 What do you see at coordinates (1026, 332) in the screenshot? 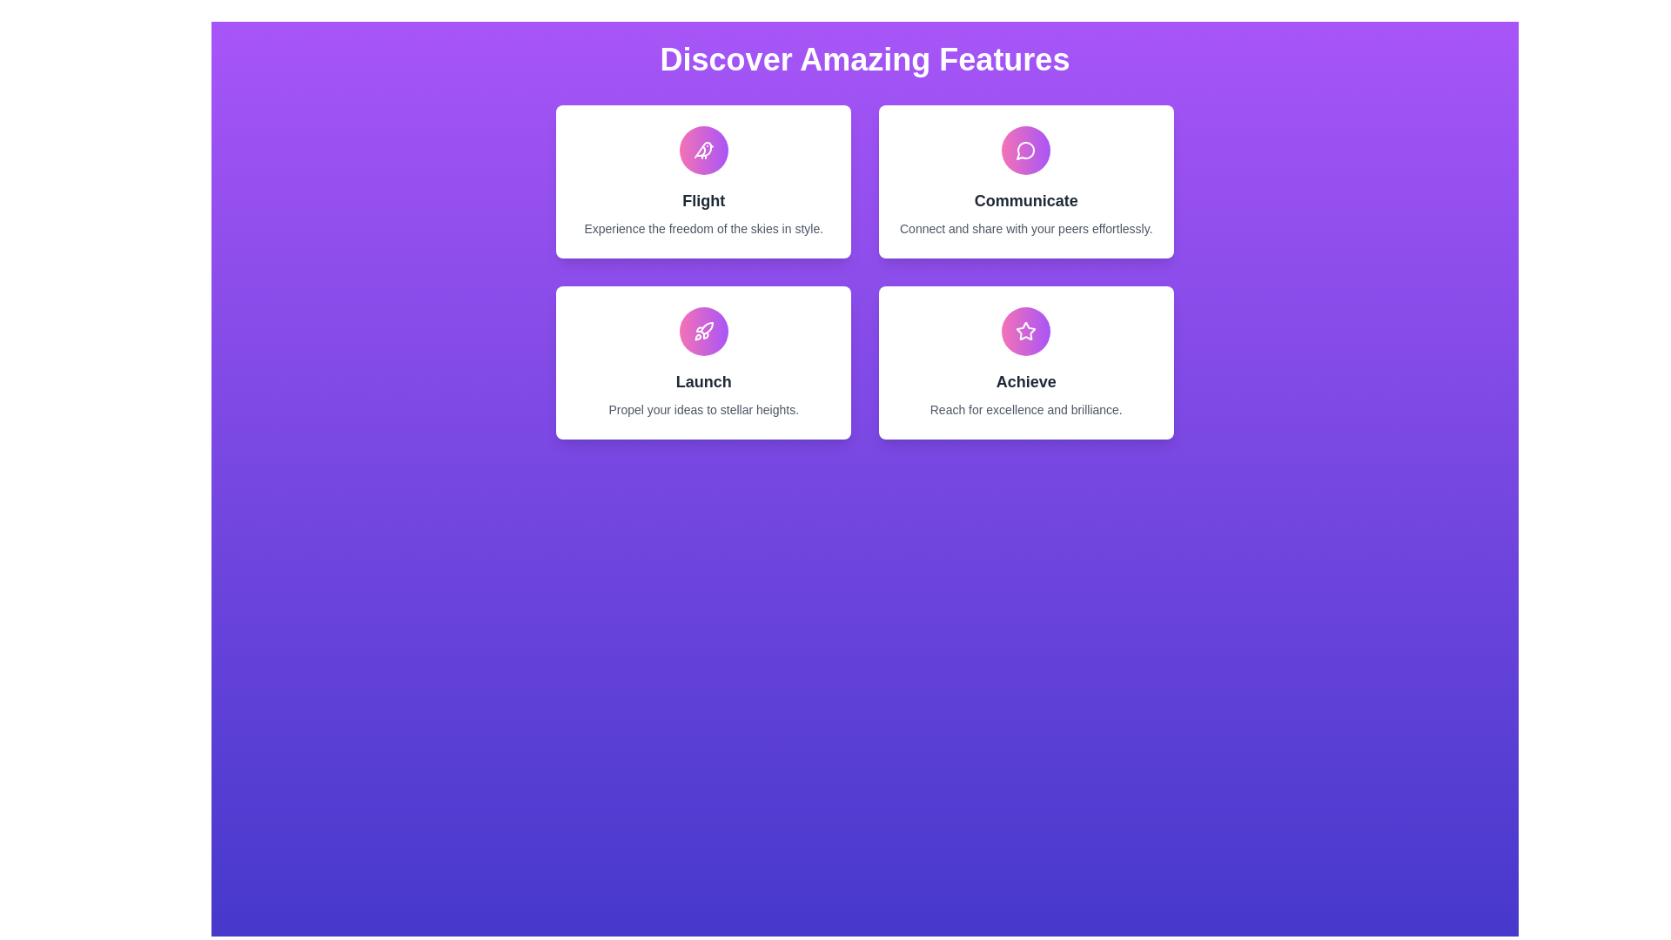
I see `the star-shaped icon with a gradient fill of pink transitioning to purple located in the 'Achieve' feature panel at the bottom-right of the interface` at bounding box center [1026, 332].